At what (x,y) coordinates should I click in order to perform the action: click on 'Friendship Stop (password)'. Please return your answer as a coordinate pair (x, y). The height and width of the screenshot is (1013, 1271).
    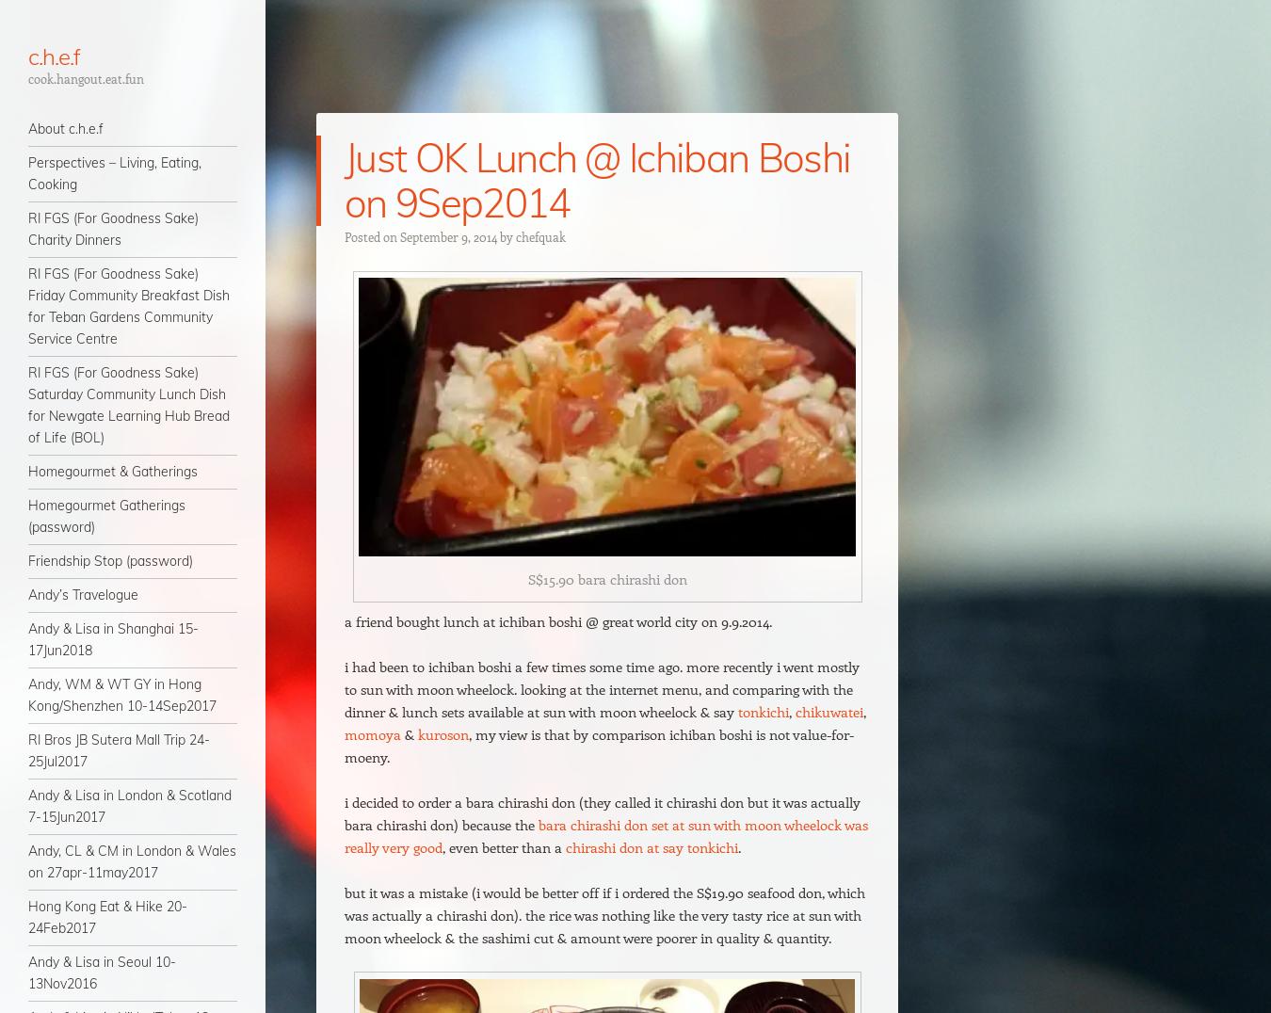
    Looking at the image, I should click on (110, 560).